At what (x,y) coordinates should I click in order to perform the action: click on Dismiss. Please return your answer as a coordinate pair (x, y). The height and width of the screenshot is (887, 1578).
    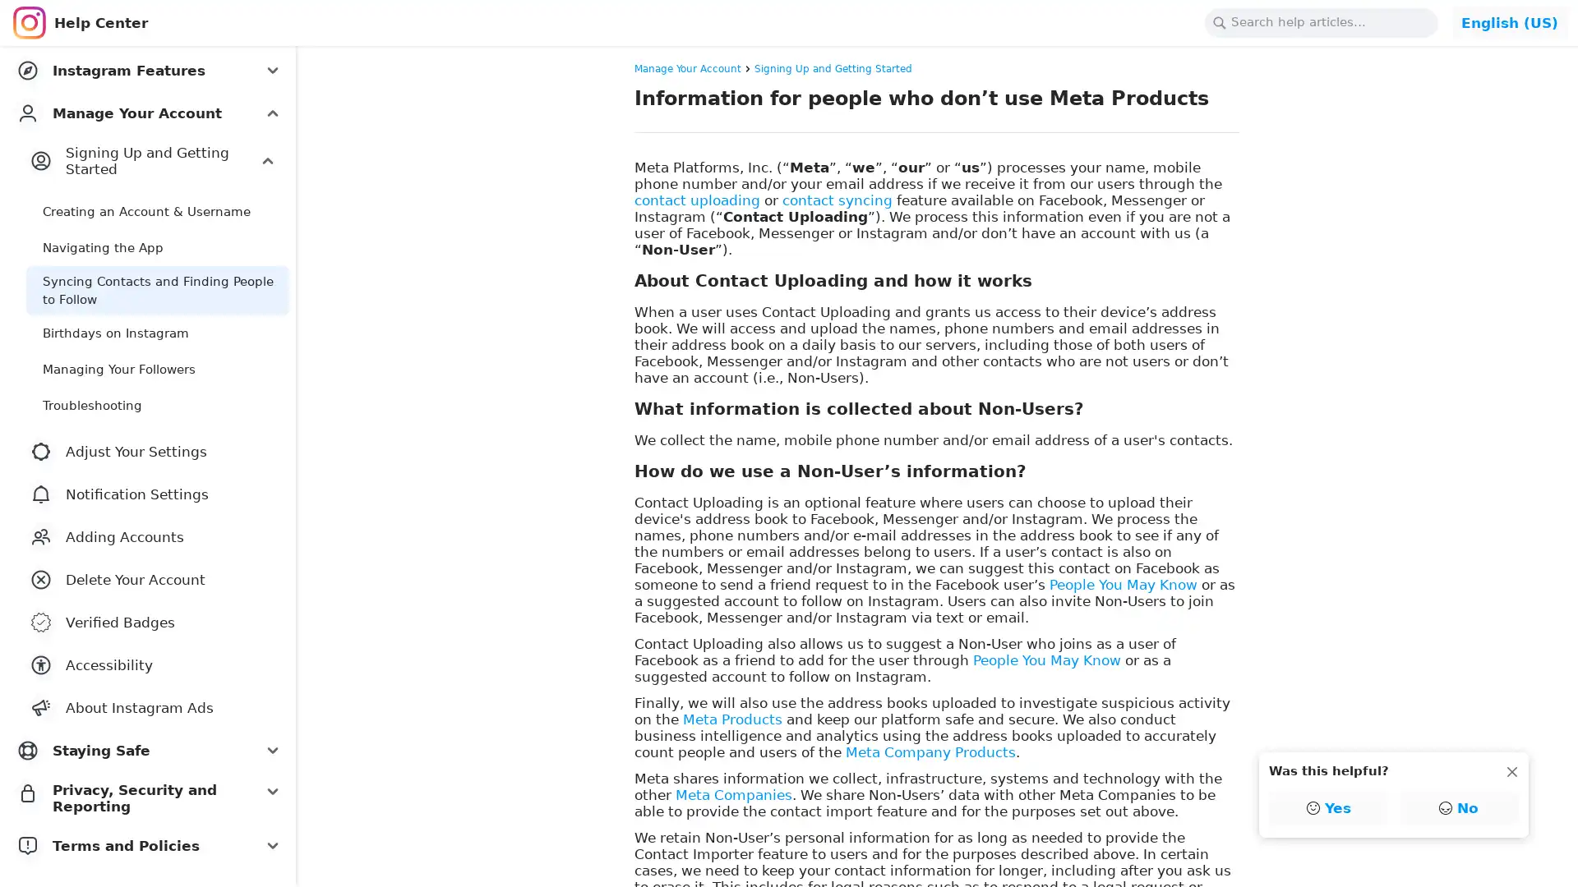
    Looking at the image, I should click on (1511, 772).